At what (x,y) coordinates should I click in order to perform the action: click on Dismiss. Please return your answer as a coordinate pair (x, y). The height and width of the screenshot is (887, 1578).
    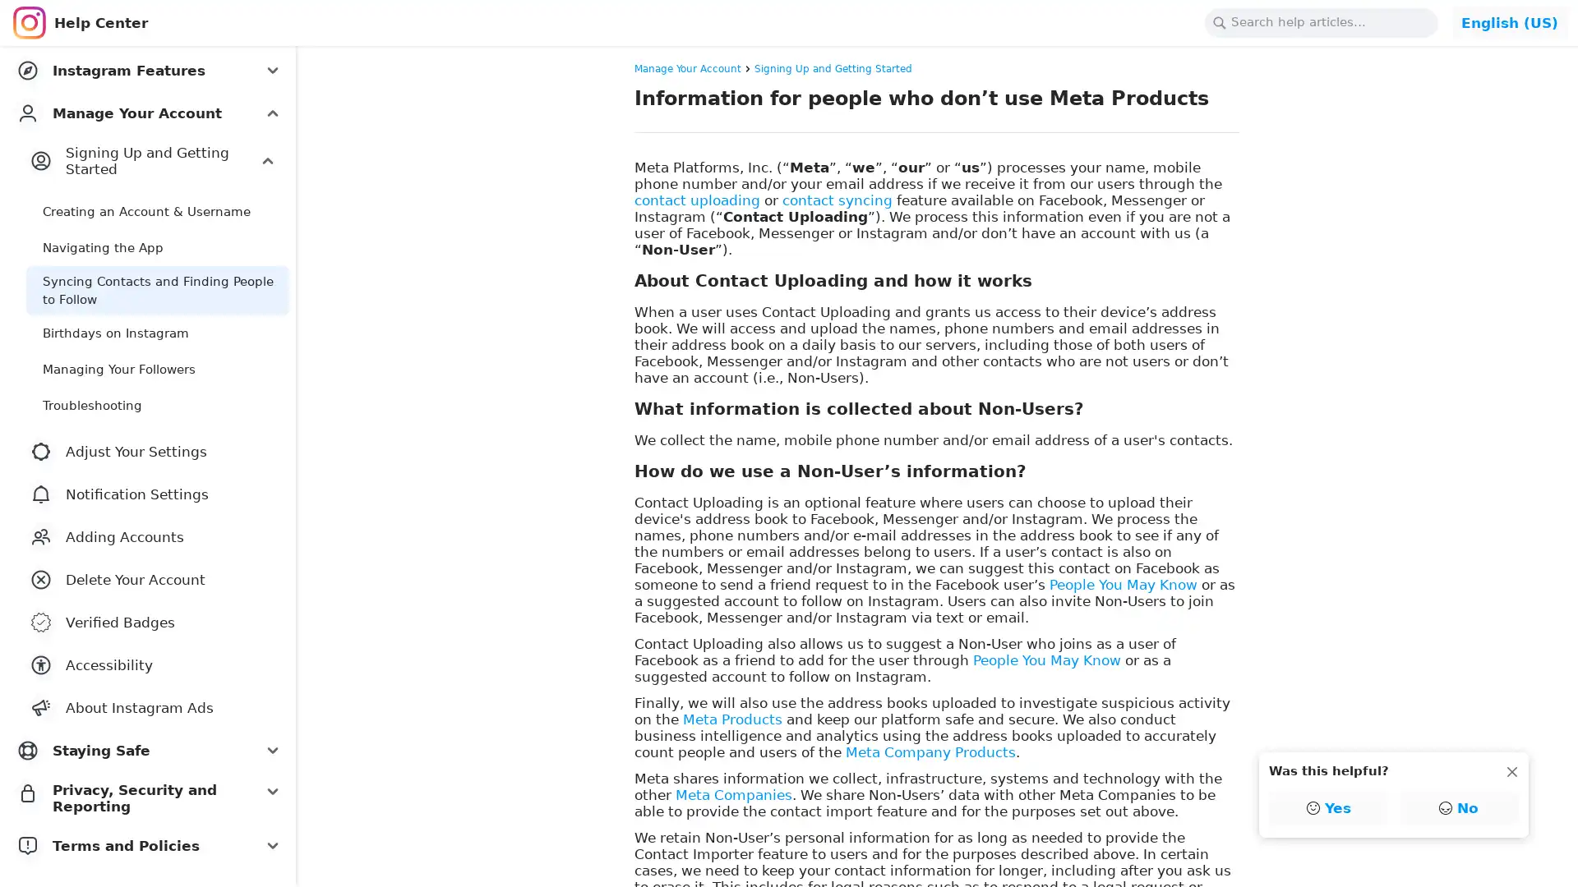
    Looking at the image, I should click on (1511, 772).